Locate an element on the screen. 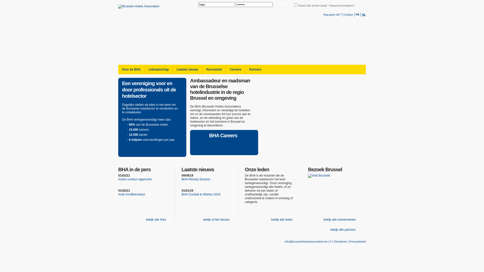 This screenshot has height=272, width=484. 'bekijk alle evenementen' is located at coordinates (319, 219).